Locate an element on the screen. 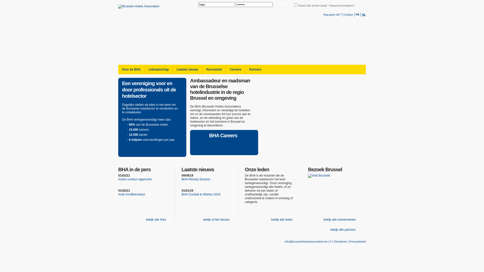 This screenshot has height=272, width=484. 'bekijk alle evenementen' is located at coordinates (319, 219).